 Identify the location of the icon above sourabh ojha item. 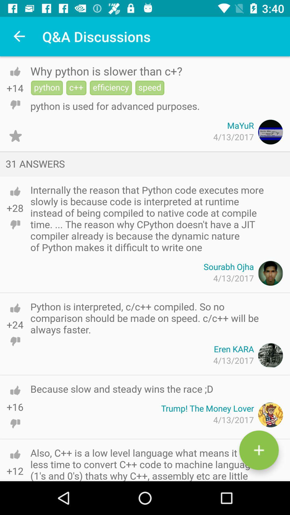
(150, 218).